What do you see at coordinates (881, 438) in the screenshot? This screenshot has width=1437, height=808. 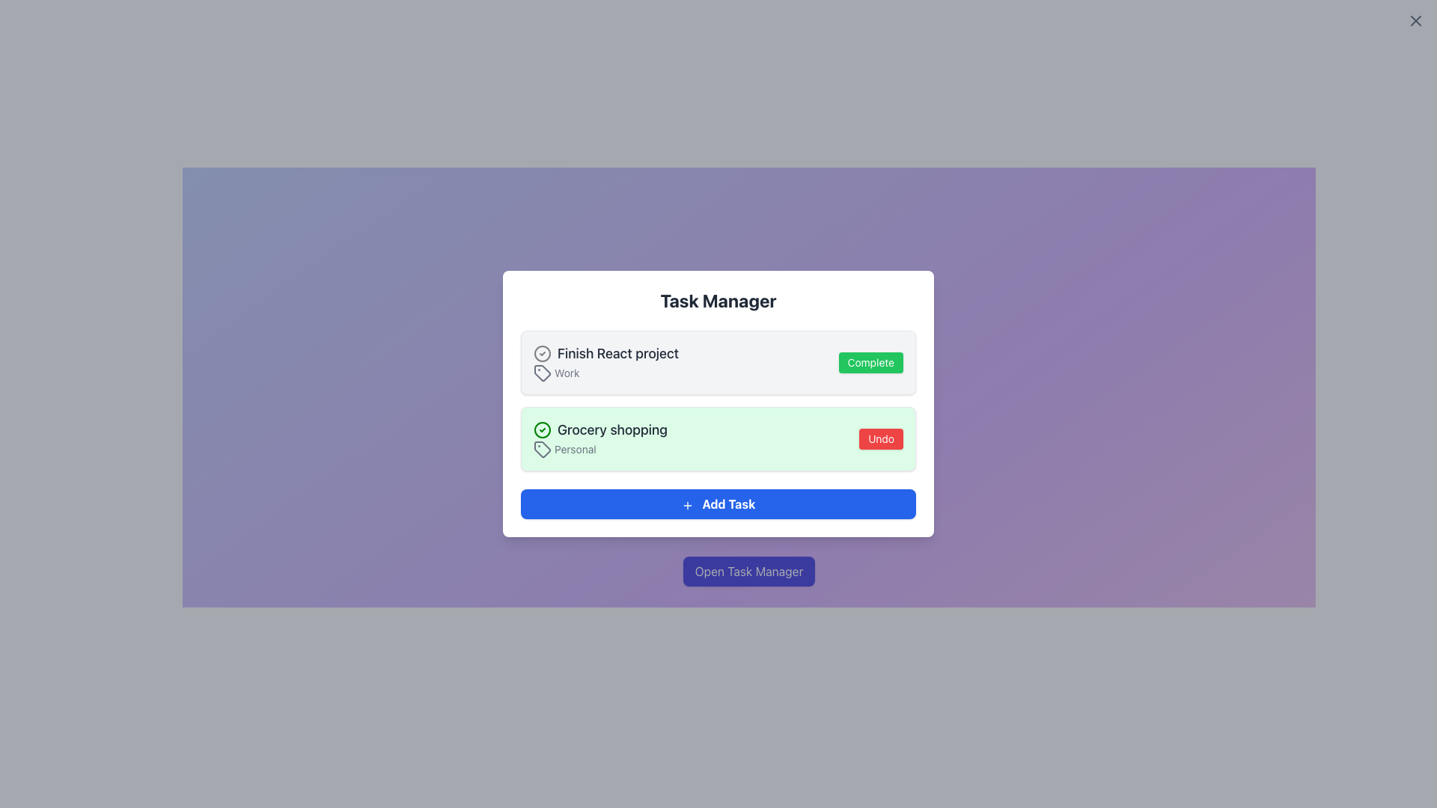 I see `the red rounded rectangular 'Undo' button with a white label, located in the bottom-right corner of the 'Grocery shopping' row` at bounding box center [881, 438].